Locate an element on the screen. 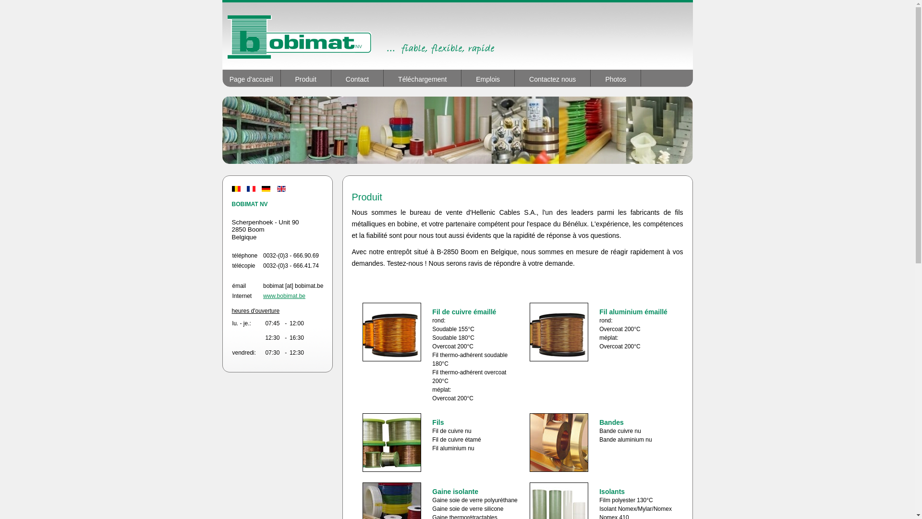 This screenshot has width=922, height=519. 'Page d'accueil' is located at coordinates (251, 77).